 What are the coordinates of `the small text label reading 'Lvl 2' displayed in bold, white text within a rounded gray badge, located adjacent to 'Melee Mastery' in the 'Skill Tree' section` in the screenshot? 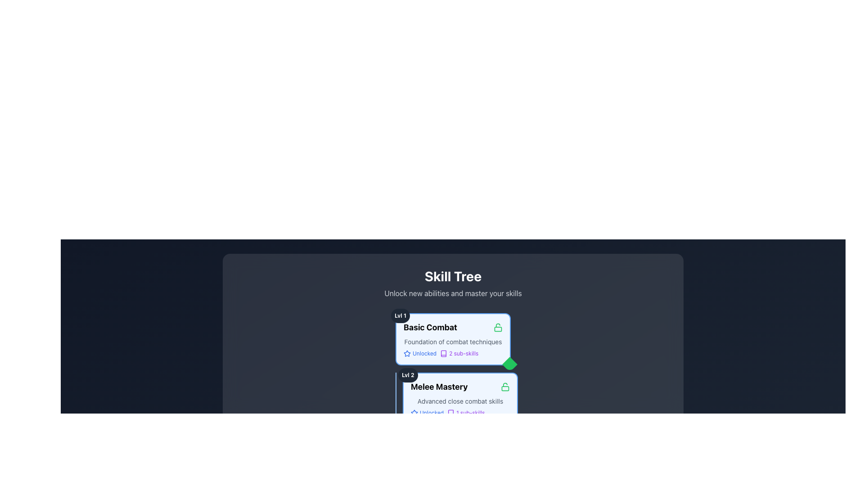 It's located at (407, 375).